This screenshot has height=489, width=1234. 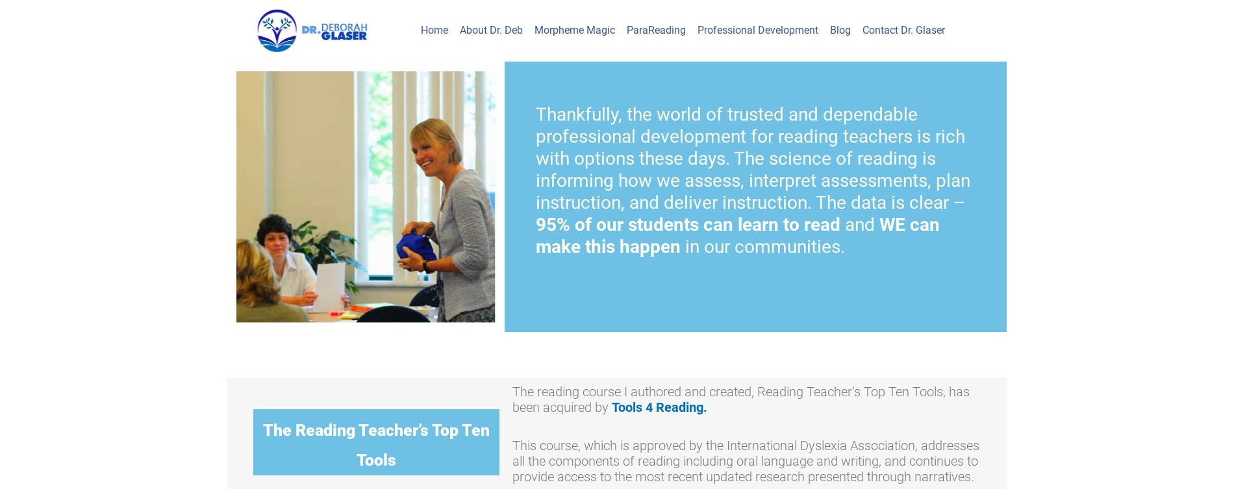 What do you see at coordinates (434, 30) in the screenshot?
I see `'Home'` at bounding box center [434, 30].